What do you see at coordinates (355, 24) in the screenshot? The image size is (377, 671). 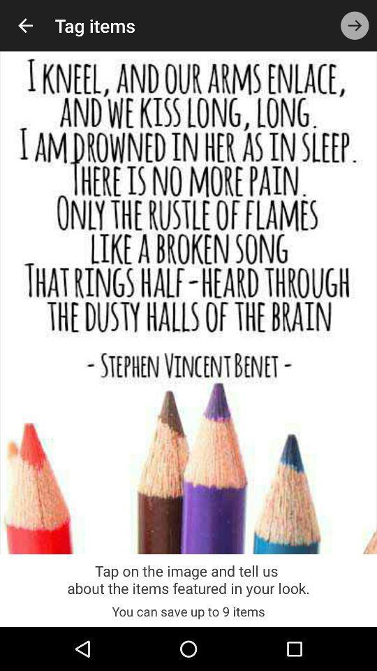 I see `item next to the tag items` at bounding box center [355, 24].